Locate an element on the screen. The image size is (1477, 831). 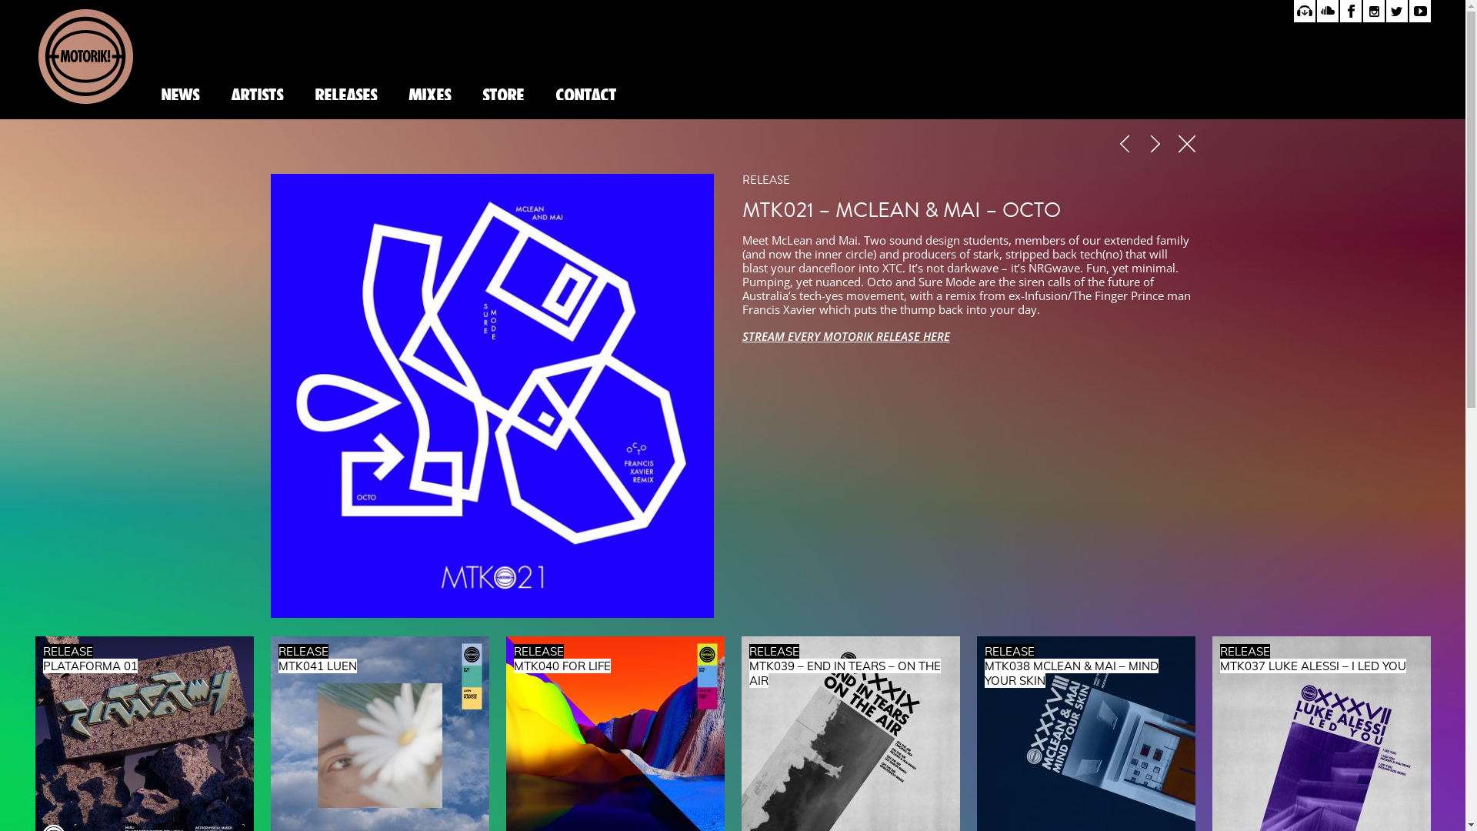
'ARTISTS' is located at coordinates (255, 92).